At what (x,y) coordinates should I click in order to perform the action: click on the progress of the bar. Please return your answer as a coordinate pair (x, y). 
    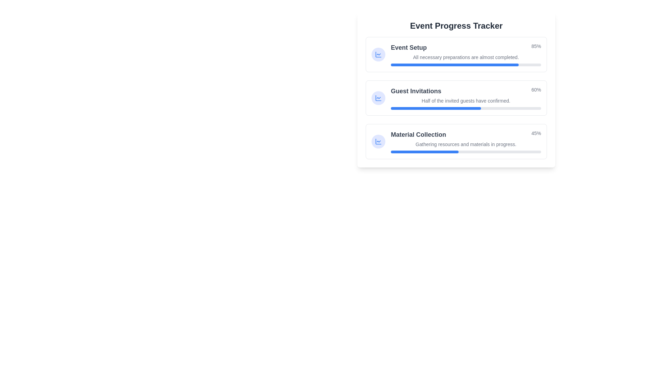
    Looking at the image, I should click on (496, 65).